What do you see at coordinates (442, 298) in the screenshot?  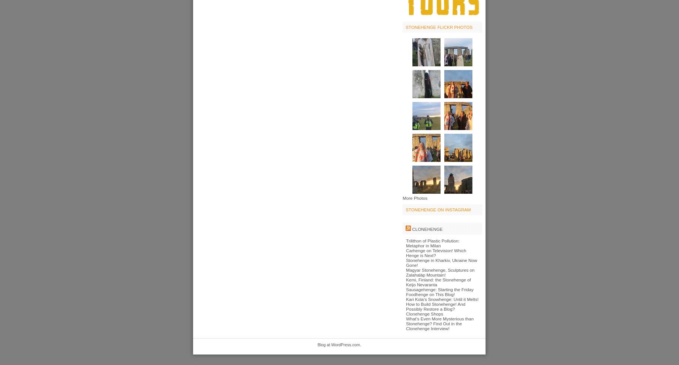 I see `'Kari Kola’s Snowhenge: Until it Melts!'` at bounding box center [442, 298].